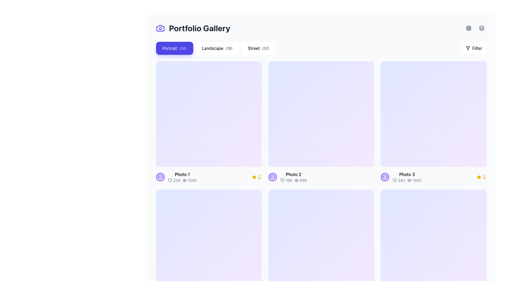 The height and width of the screenshot is (293, 522). Describe the element at coordinates (160, 28) in the screenshot. I see `the camera icon located on the top-left side of the interface` at that location.